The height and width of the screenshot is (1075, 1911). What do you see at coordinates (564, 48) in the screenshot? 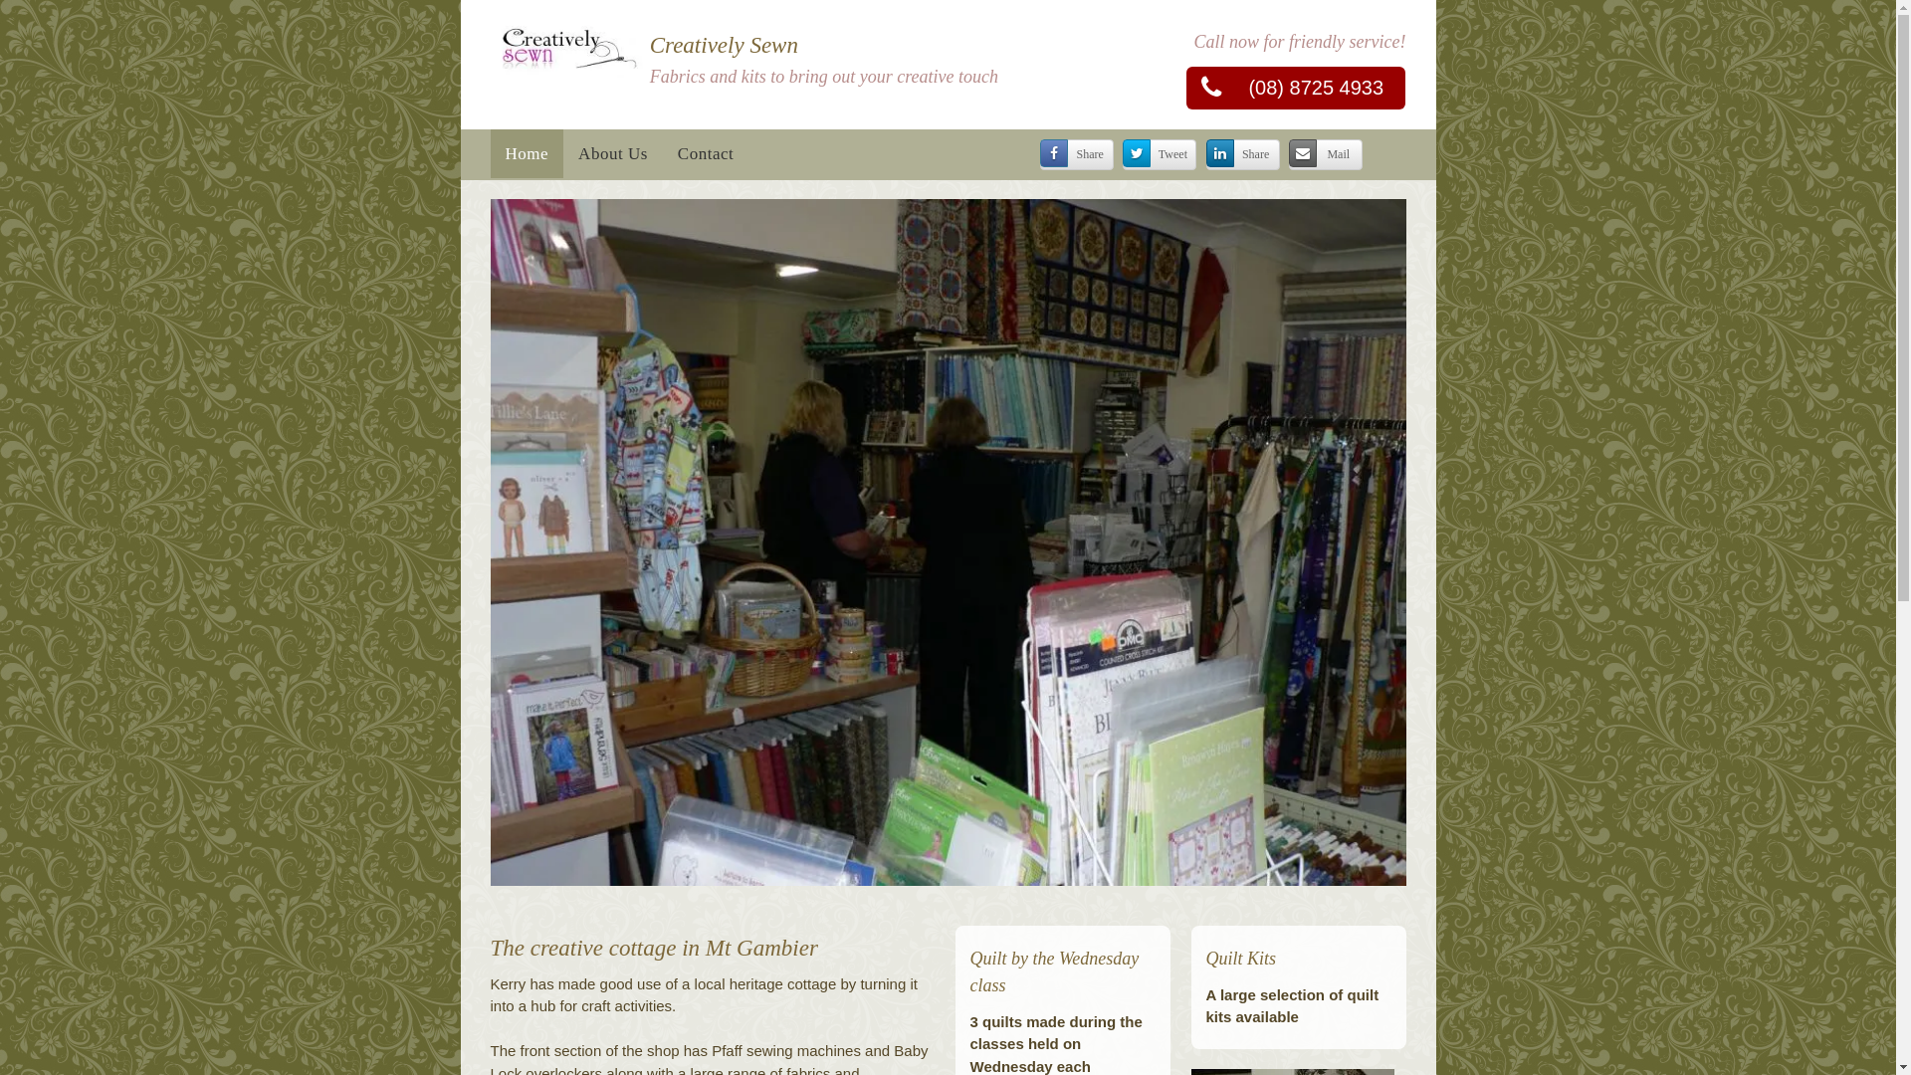
I see `'Logo'` at bounding box center [564, 48].